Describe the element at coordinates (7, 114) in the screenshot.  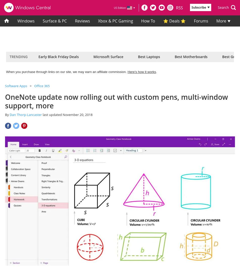
I see `'By'` at that location.